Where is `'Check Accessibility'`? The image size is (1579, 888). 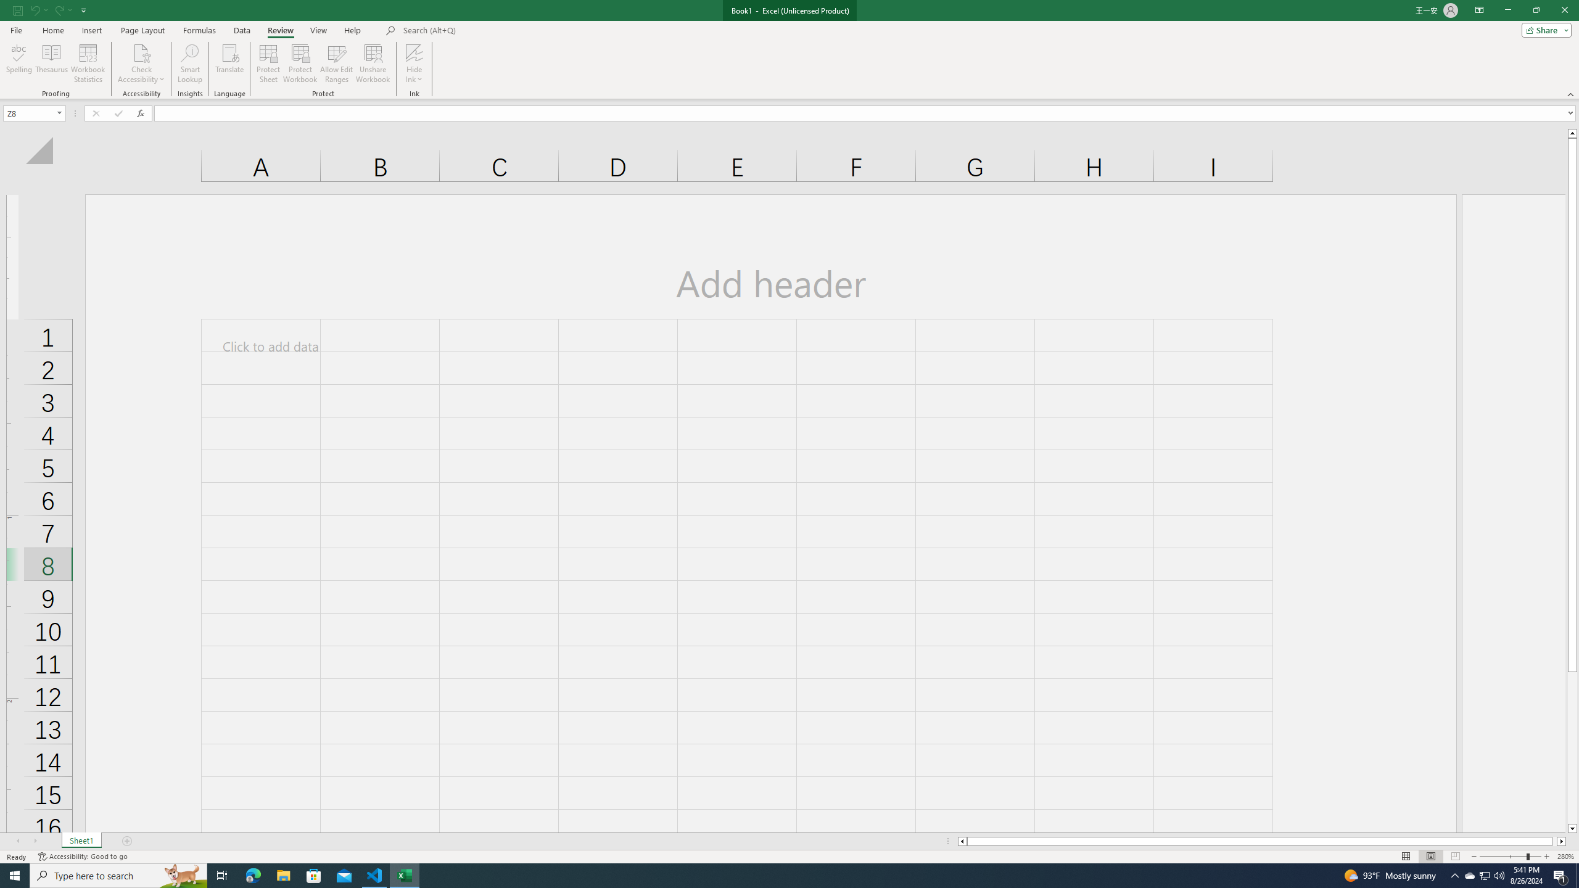
'Check Accessibility' is located at coordinates (141, 52).